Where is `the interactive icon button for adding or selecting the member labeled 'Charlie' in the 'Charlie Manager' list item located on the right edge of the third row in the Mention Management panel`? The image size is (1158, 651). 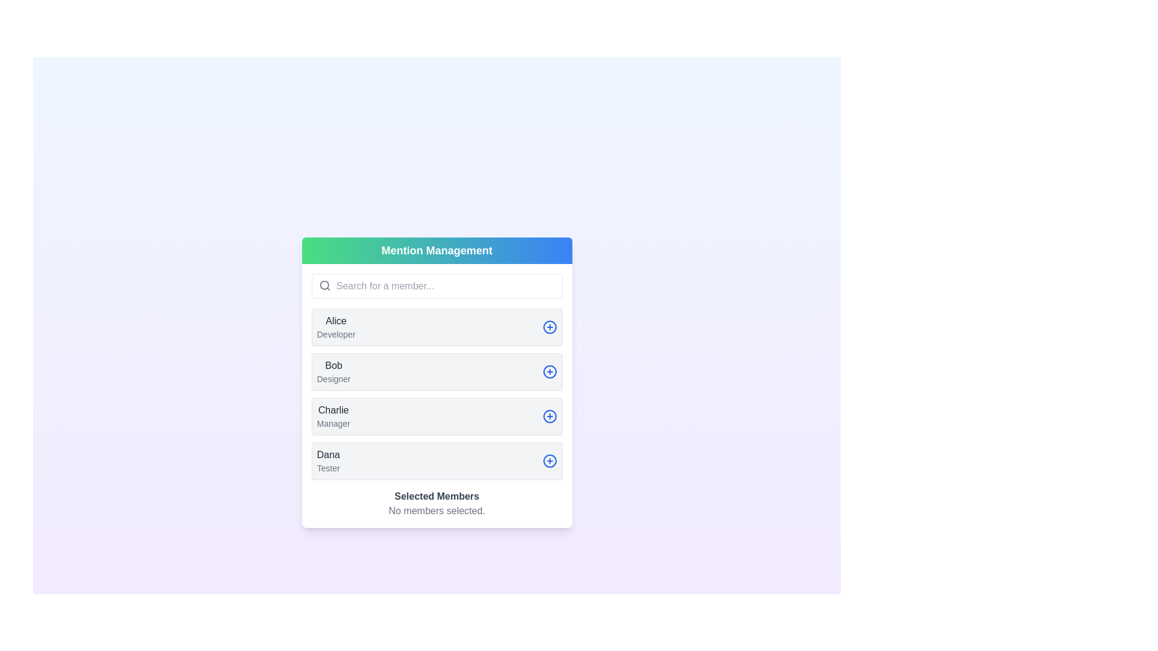
the interactive icon button for adding or selecting the member labeled 'Charlie' in the 'Charlie Manager' list item located on the right edge of the third row in the Mention Management panel is located at coordinates (549, 415).